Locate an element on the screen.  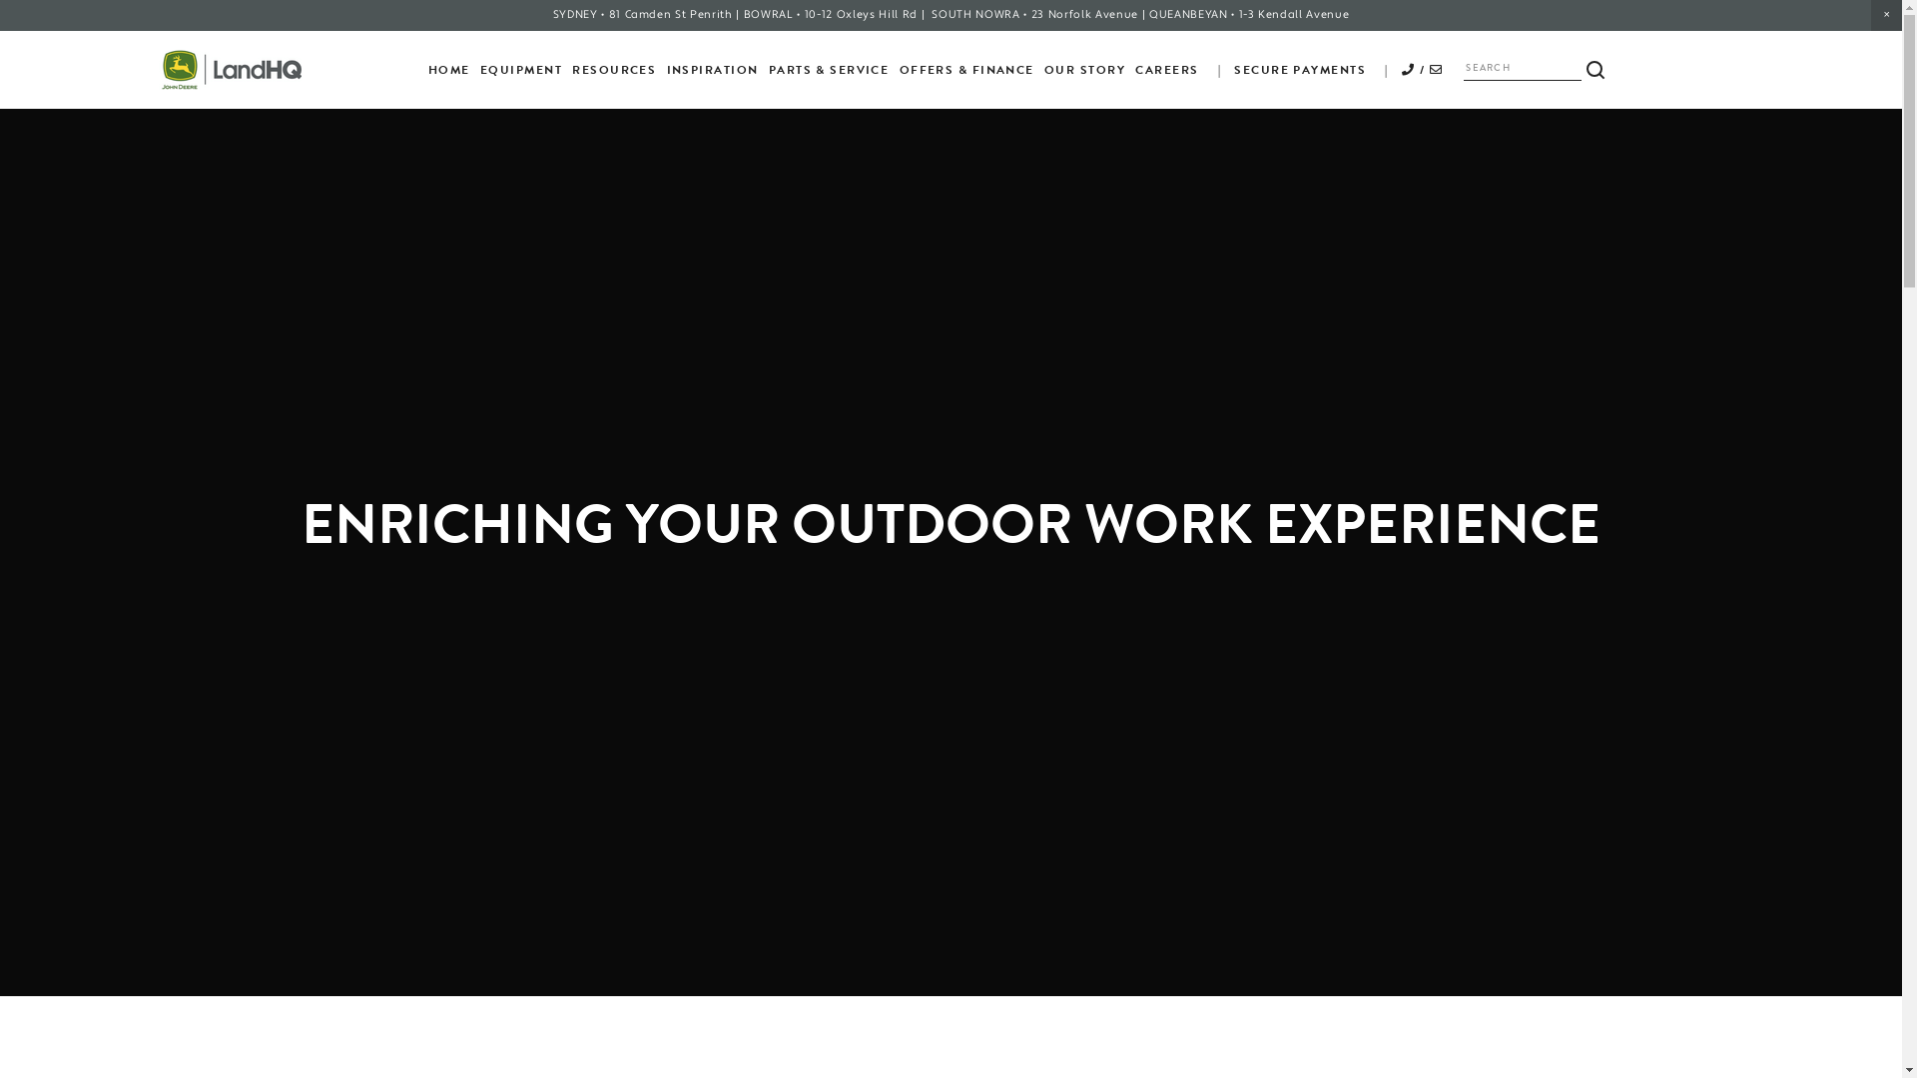
'EQUIPMENT' is located at coordinates (521, 68).